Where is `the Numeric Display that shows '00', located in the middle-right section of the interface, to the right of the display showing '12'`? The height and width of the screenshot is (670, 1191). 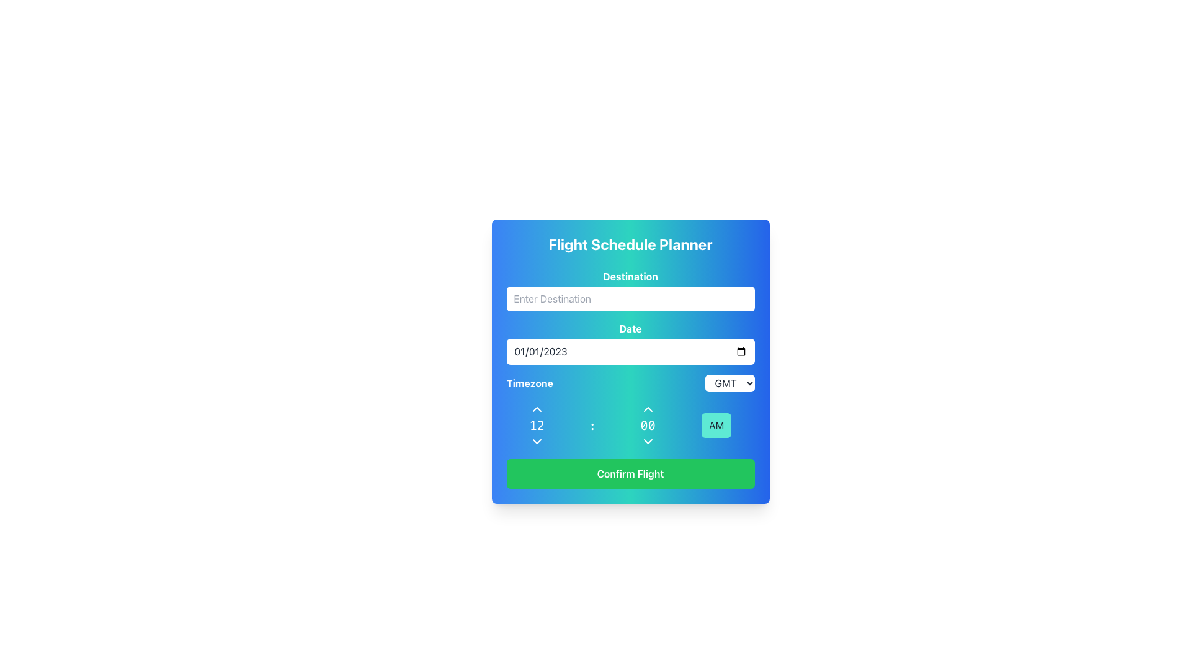
the Numeric Display that shows '00', located in the middle-right section of the interface, to the right of the display showing '12' is located at coordinates (647, 425).